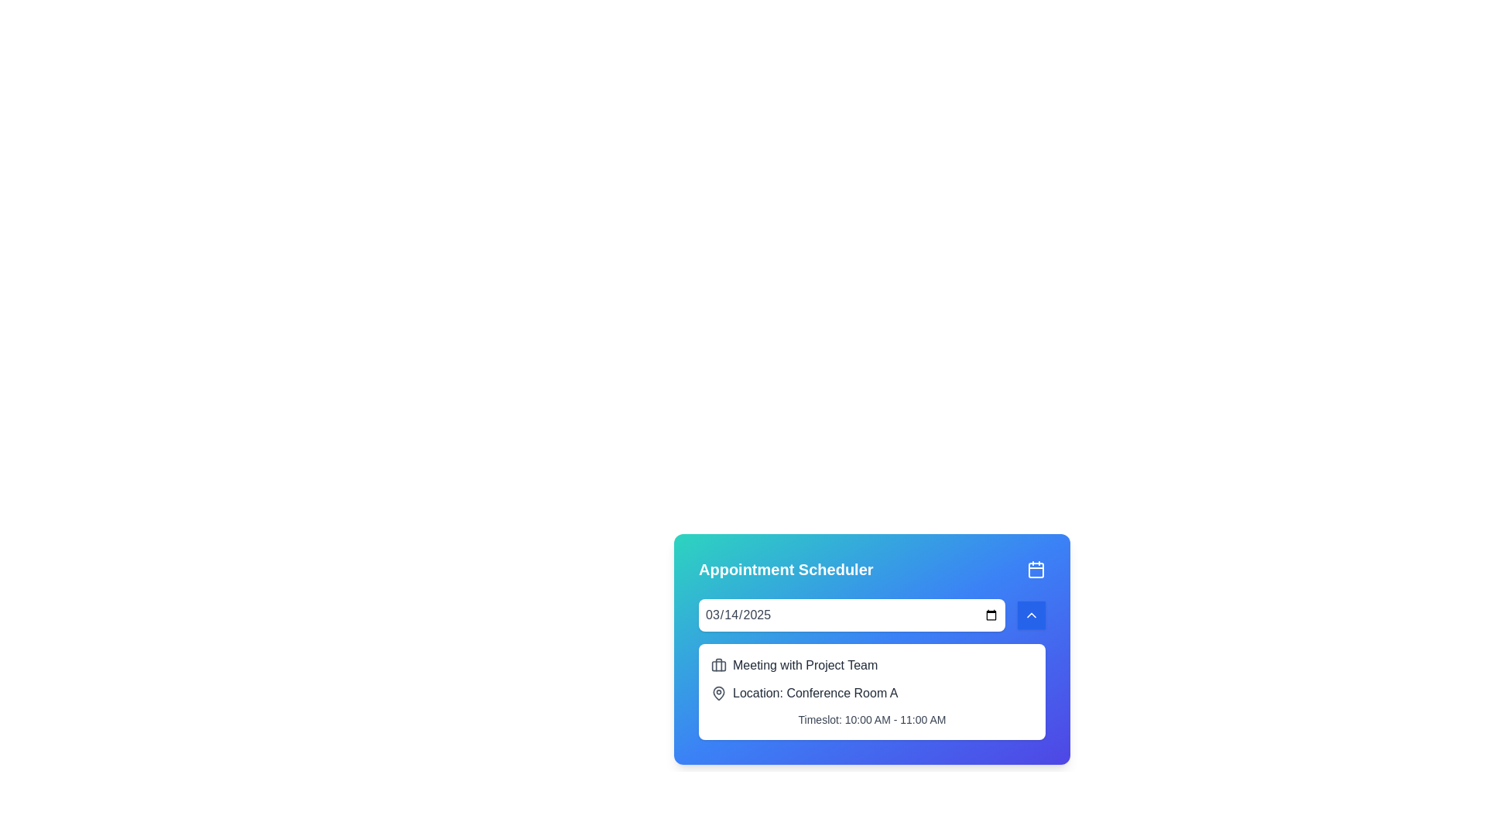  I want to click on the text label displaying 'Timeslot: 10:00 AM - 11:00 AM', located below 'Location: Conference Room A', so click(872, 719).